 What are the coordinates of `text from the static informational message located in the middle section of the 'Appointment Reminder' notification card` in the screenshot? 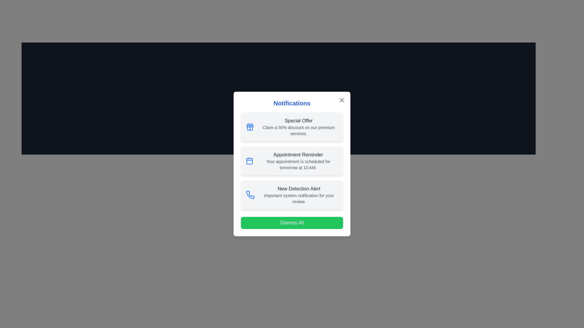 It's located at (298, 165).